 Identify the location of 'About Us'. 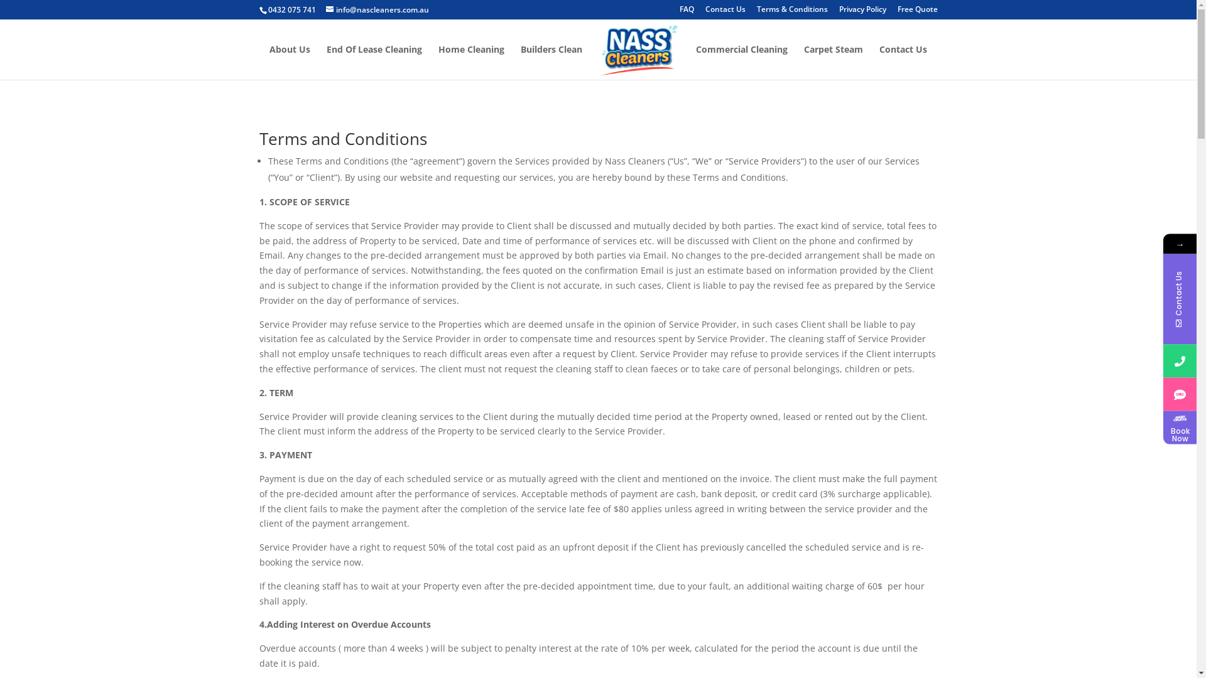
(289, 62).